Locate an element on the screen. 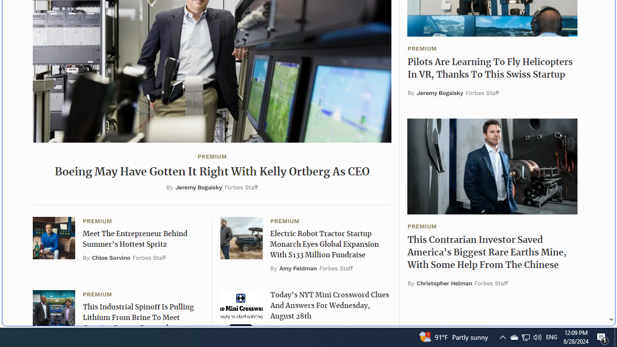  'Christopher Helman' is located at coordinates (444, 282).